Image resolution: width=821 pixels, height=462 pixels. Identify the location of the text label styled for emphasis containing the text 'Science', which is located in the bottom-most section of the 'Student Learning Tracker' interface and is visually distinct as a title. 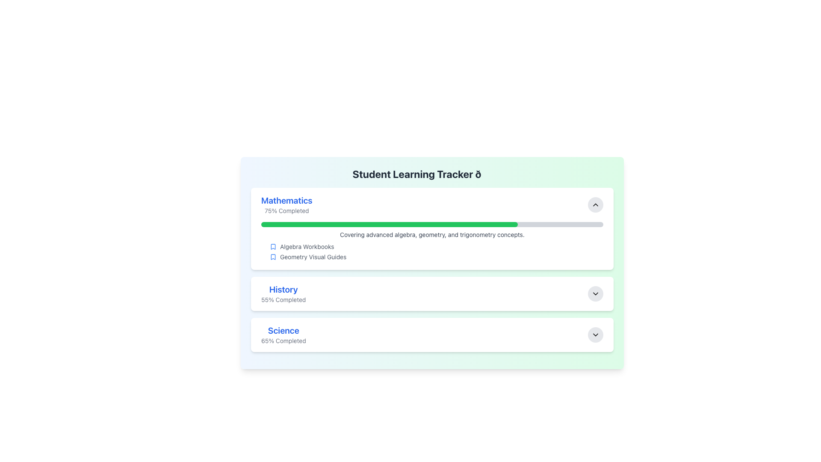
(284, 330).